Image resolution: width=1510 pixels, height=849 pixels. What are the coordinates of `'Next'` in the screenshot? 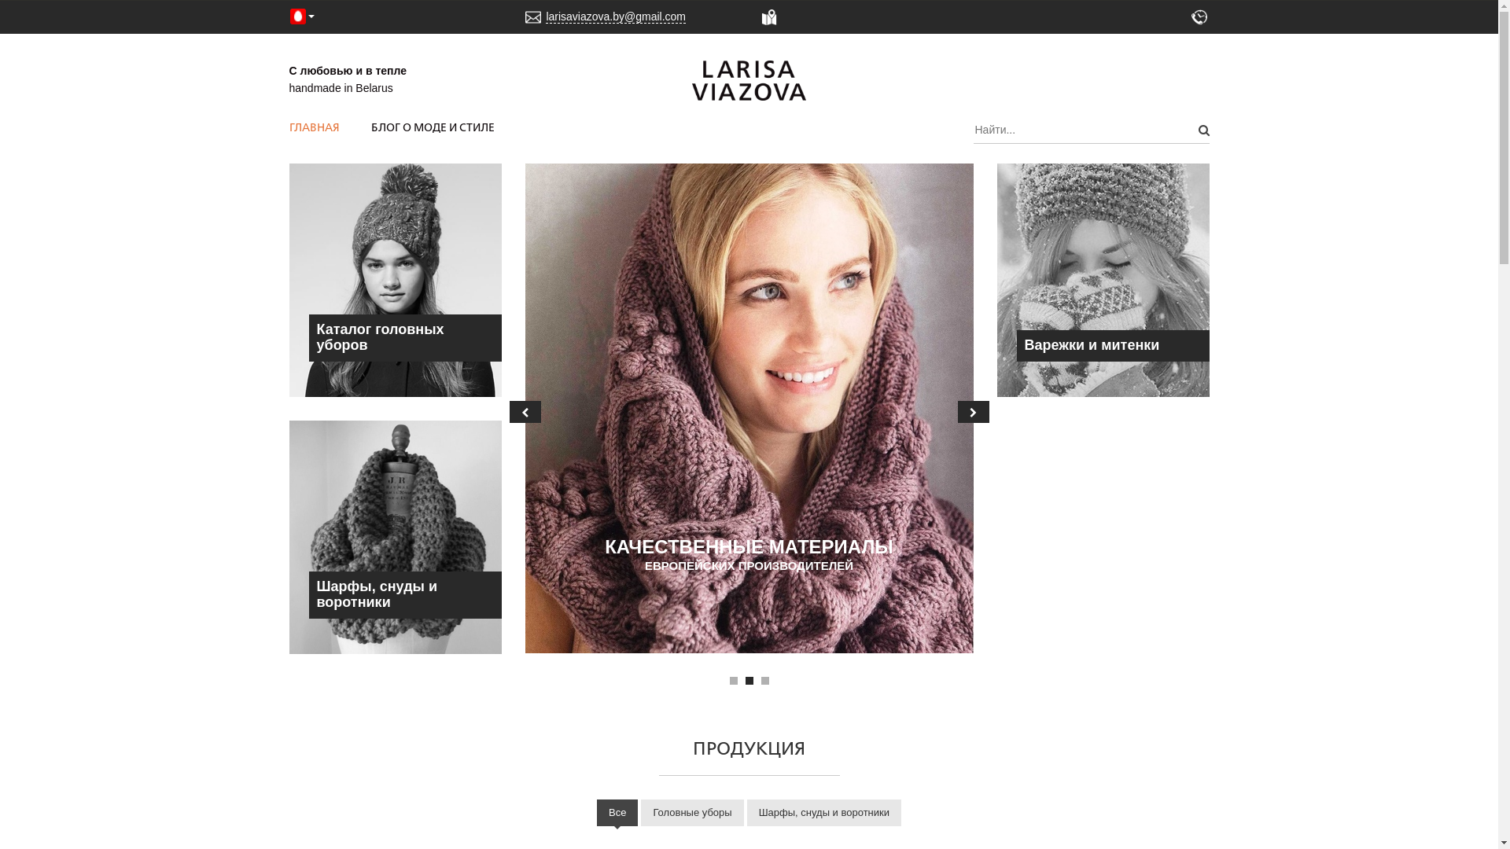 It's located at (973, 411).